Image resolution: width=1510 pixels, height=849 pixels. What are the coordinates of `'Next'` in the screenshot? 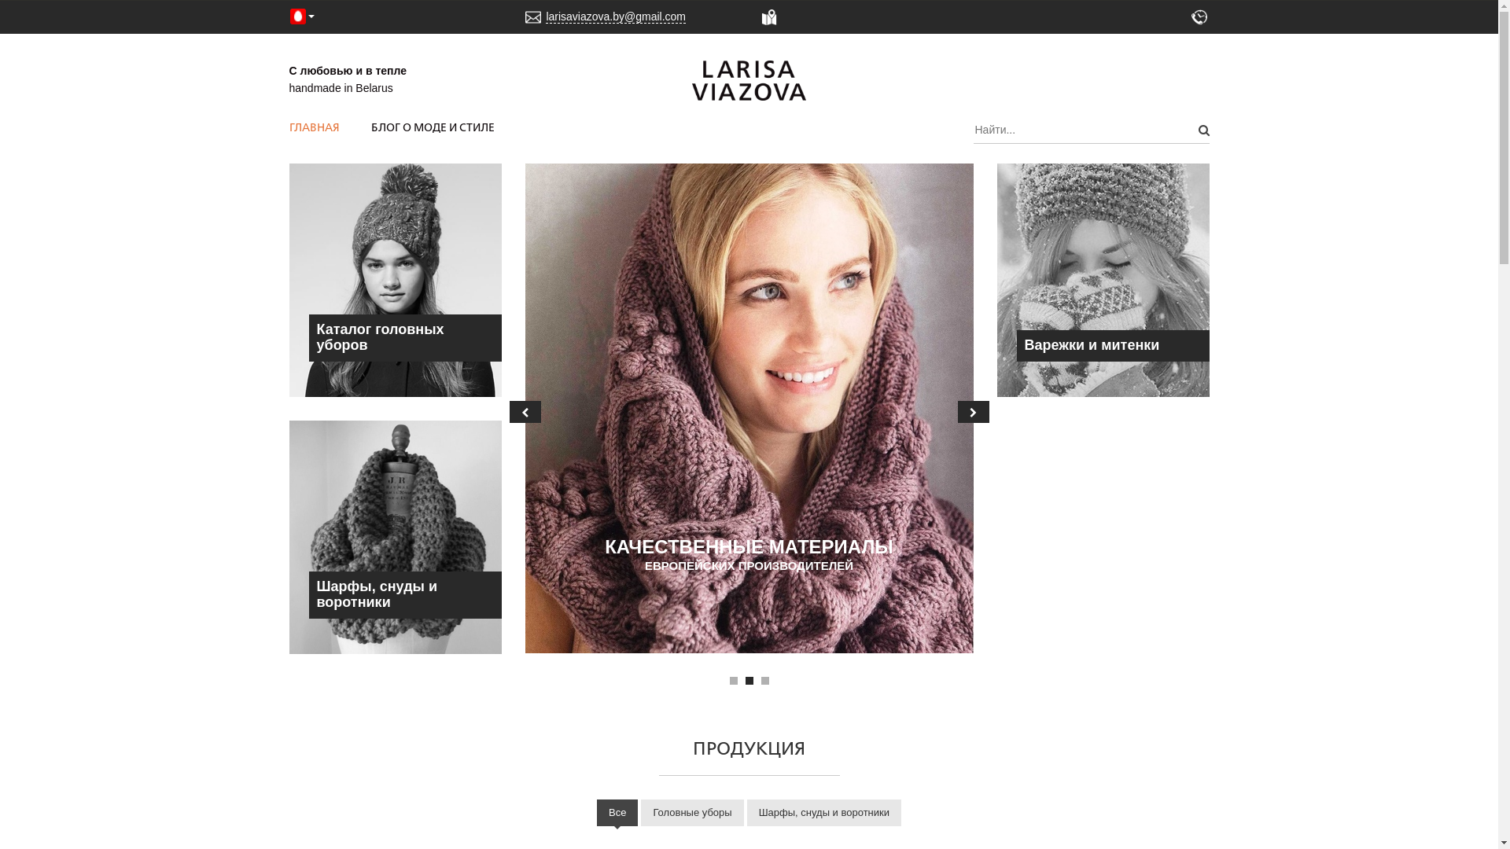 It's located at (973, 411).